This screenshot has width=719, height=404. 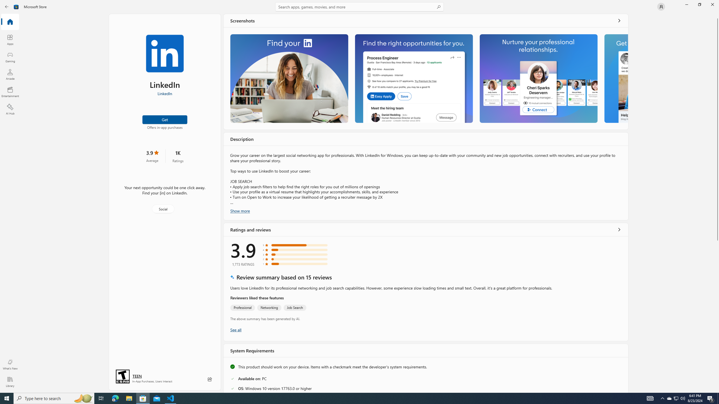 I want to click on 'Vertical Large Increase', so click(x=717, y=315).